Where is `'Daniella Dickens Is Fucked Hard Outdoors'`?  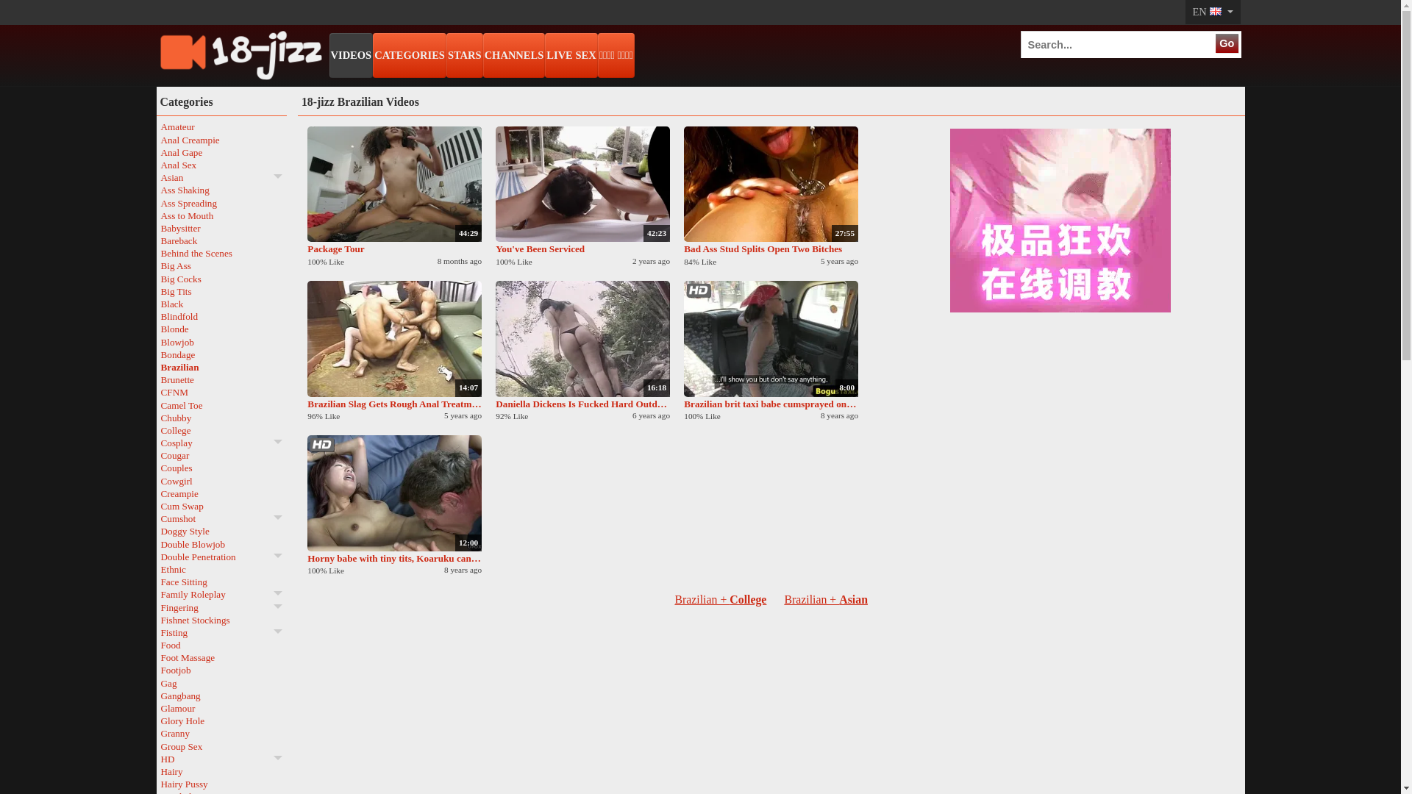 'Daniella Dickens Is Fucked Hard Outdoors' is located at coordinates (582, 404).